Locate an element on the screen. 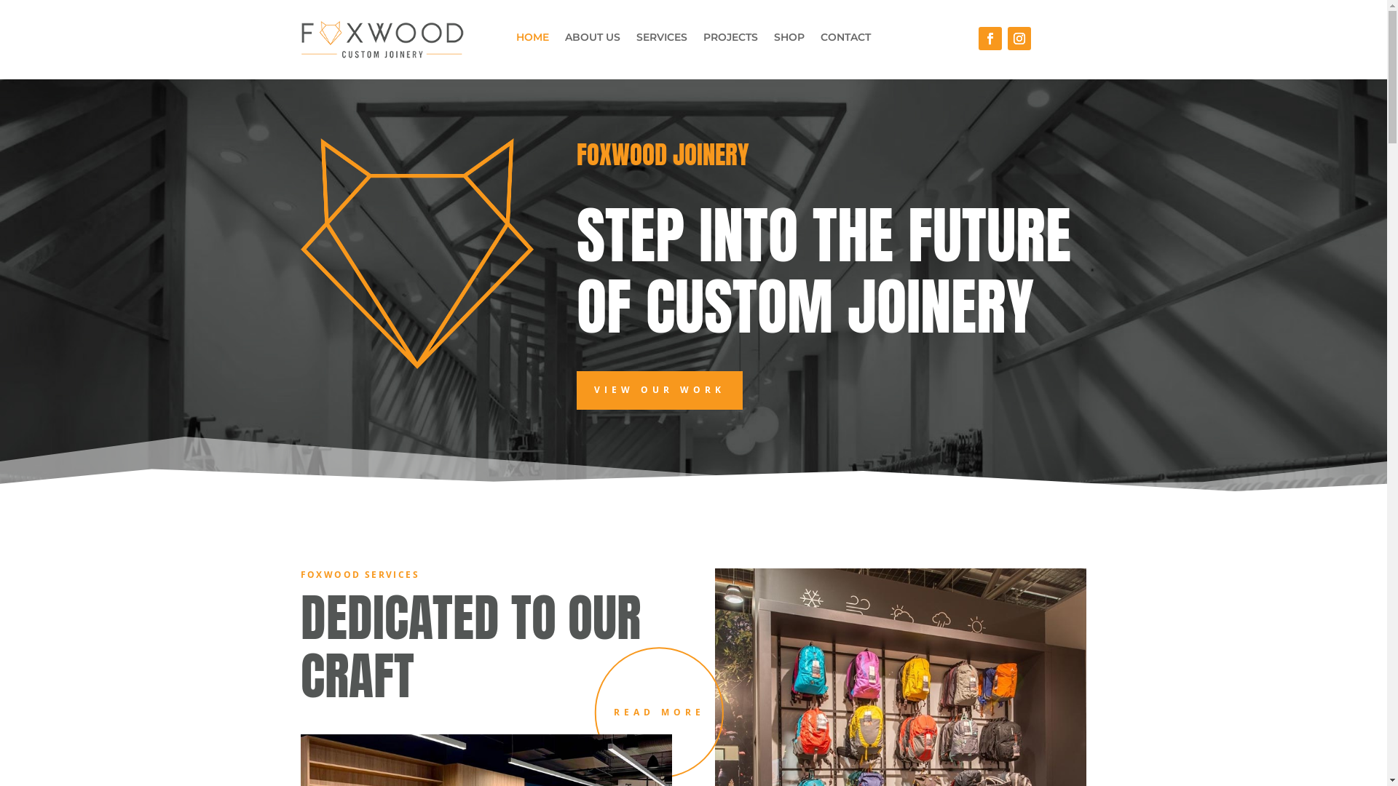  'Follow on Facebook' is located at coordinates (990, 38).